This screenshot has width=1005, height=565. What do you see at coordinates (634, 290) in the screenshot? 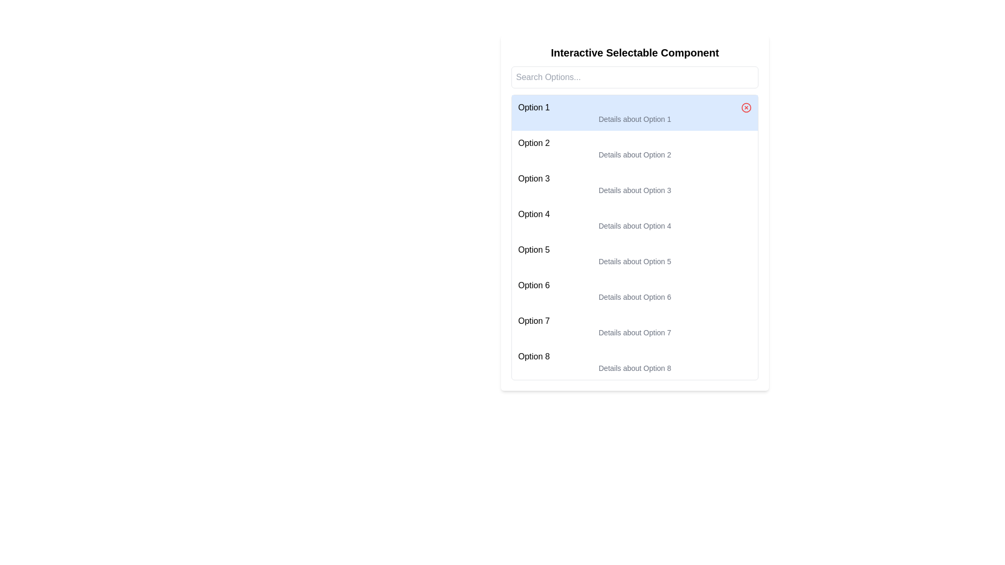
I see `to select the list item displaying 'Option 6' in bold style, located in the middle right portion of the interface, below 'Option 5' and above 'Option 7'` at bounding box center [634, 290].